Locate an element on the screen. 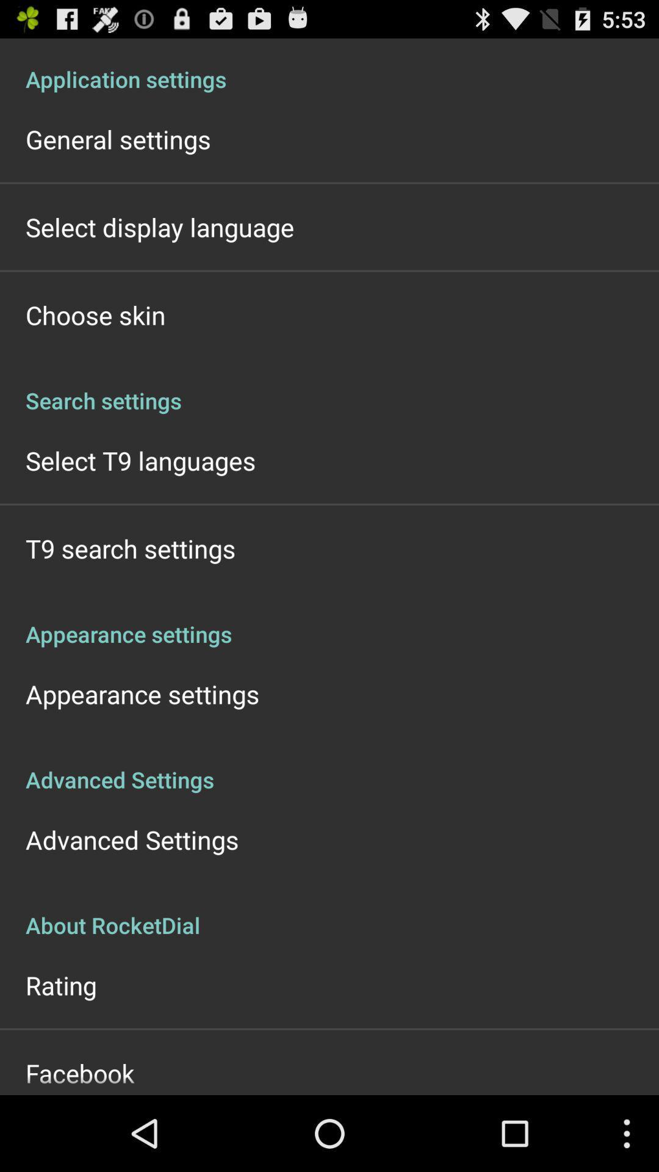 The image size is (659, 1172). icon below the rating app is located at coordinates (80, 1072).